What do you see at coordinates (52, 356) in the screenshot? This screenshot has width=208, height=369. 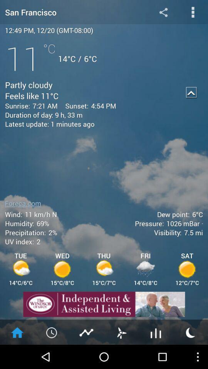 I see `the time icon` at bounding box center [52, 356].